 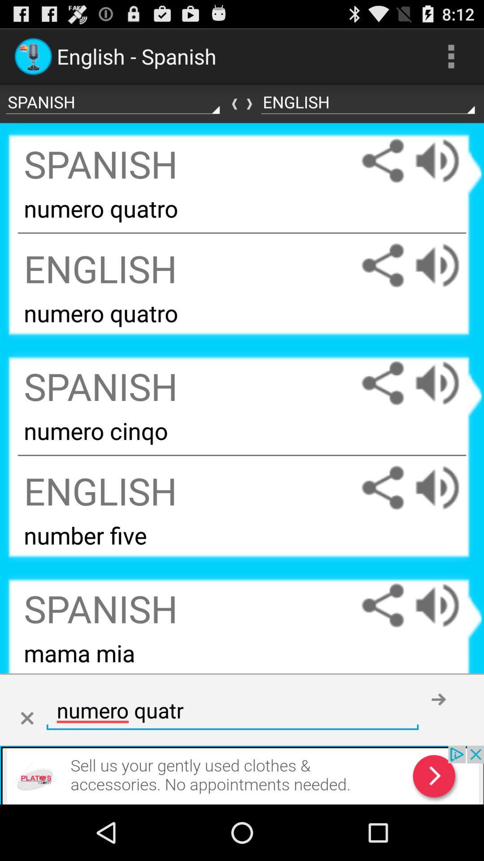 I want to click on share, so click(x=382, y=383).